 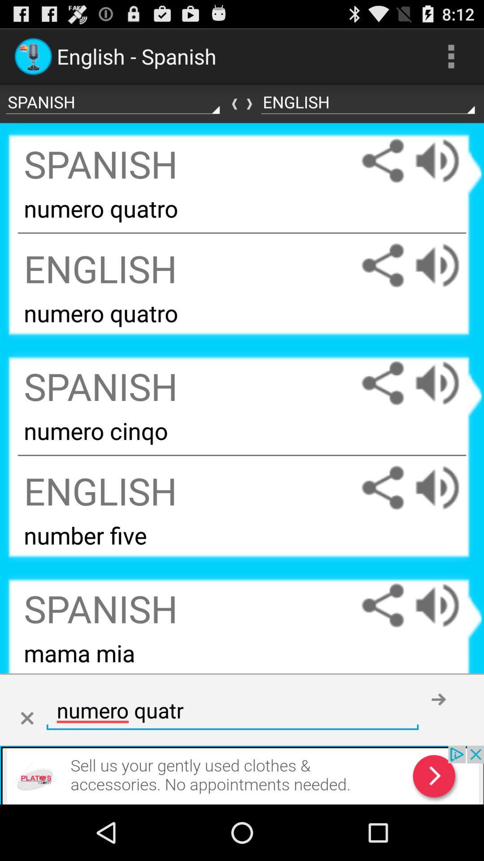 I want to click on share, so click(x=382, y=383).